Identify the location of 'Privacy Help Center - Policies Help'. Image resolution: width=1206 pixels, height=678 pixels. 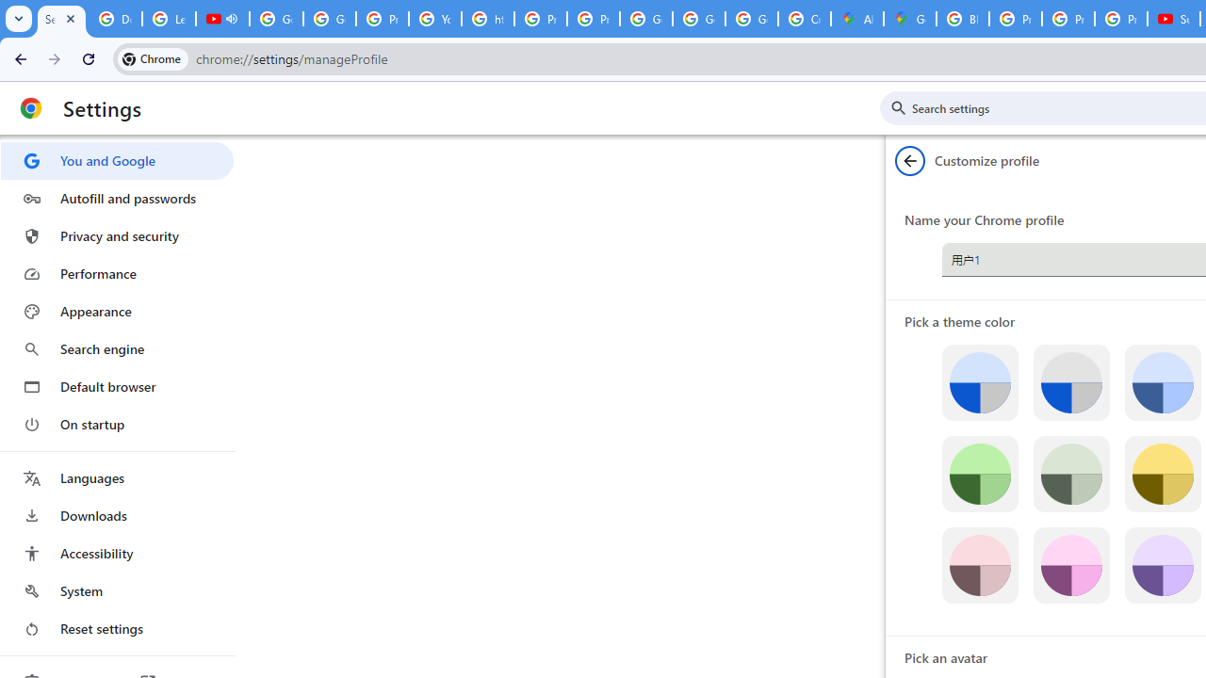
(1014, 19).